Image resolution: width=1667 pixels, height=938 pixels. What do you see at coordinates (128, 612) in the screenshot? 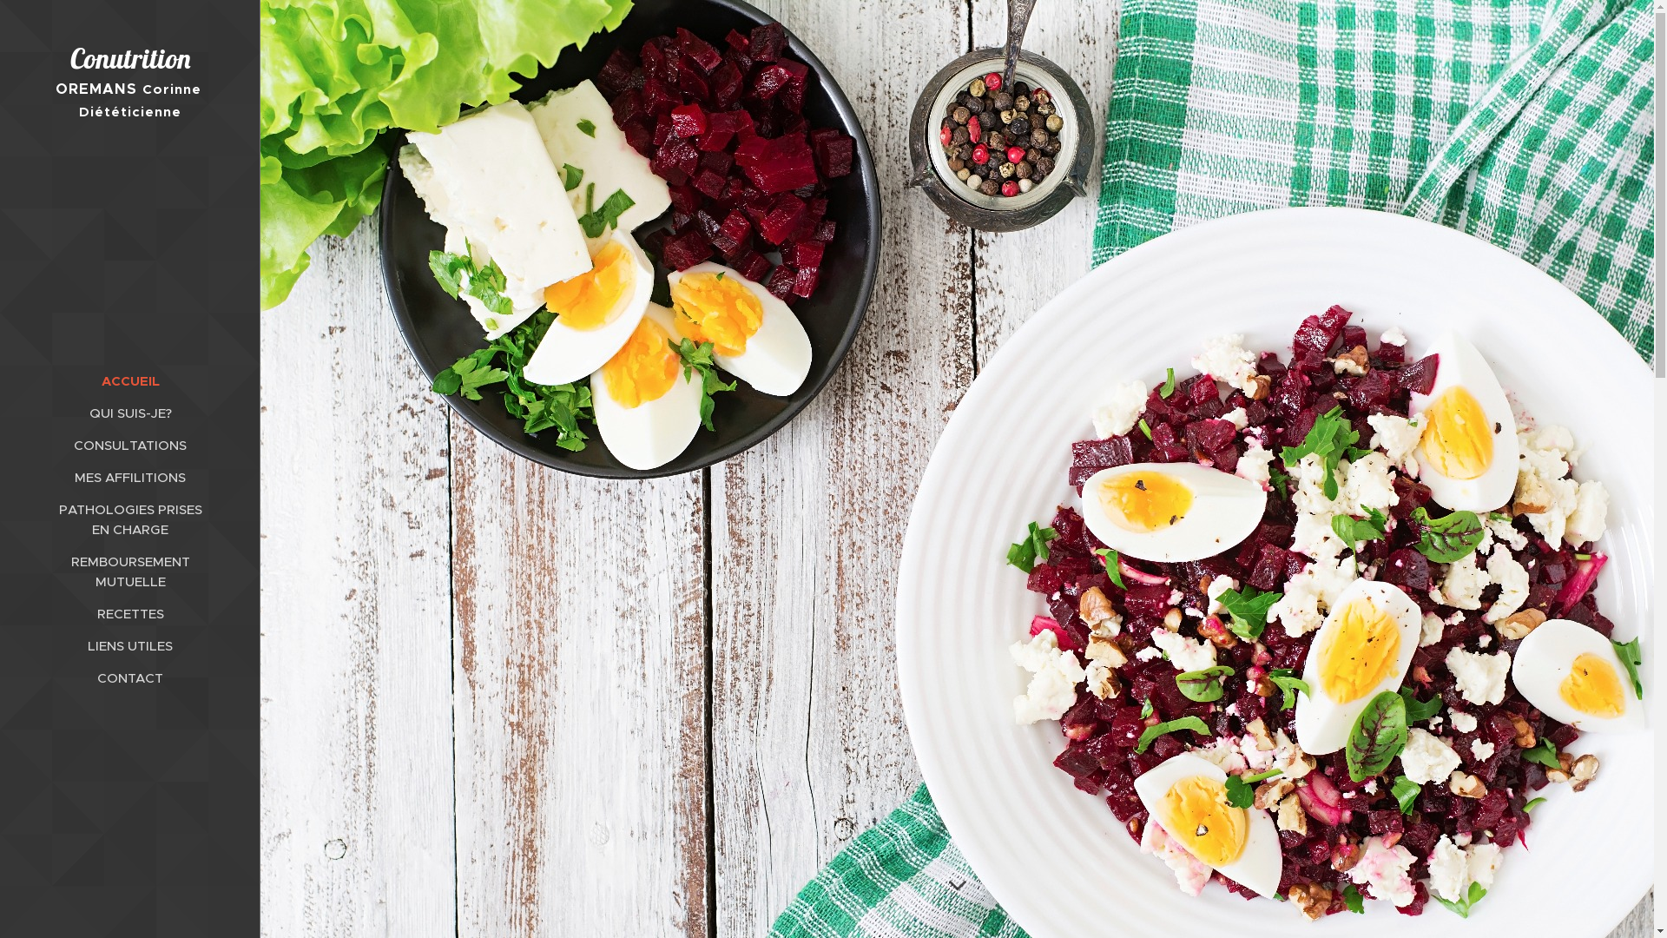
I see `'RECETTES'` at bounding box center [128, 612].